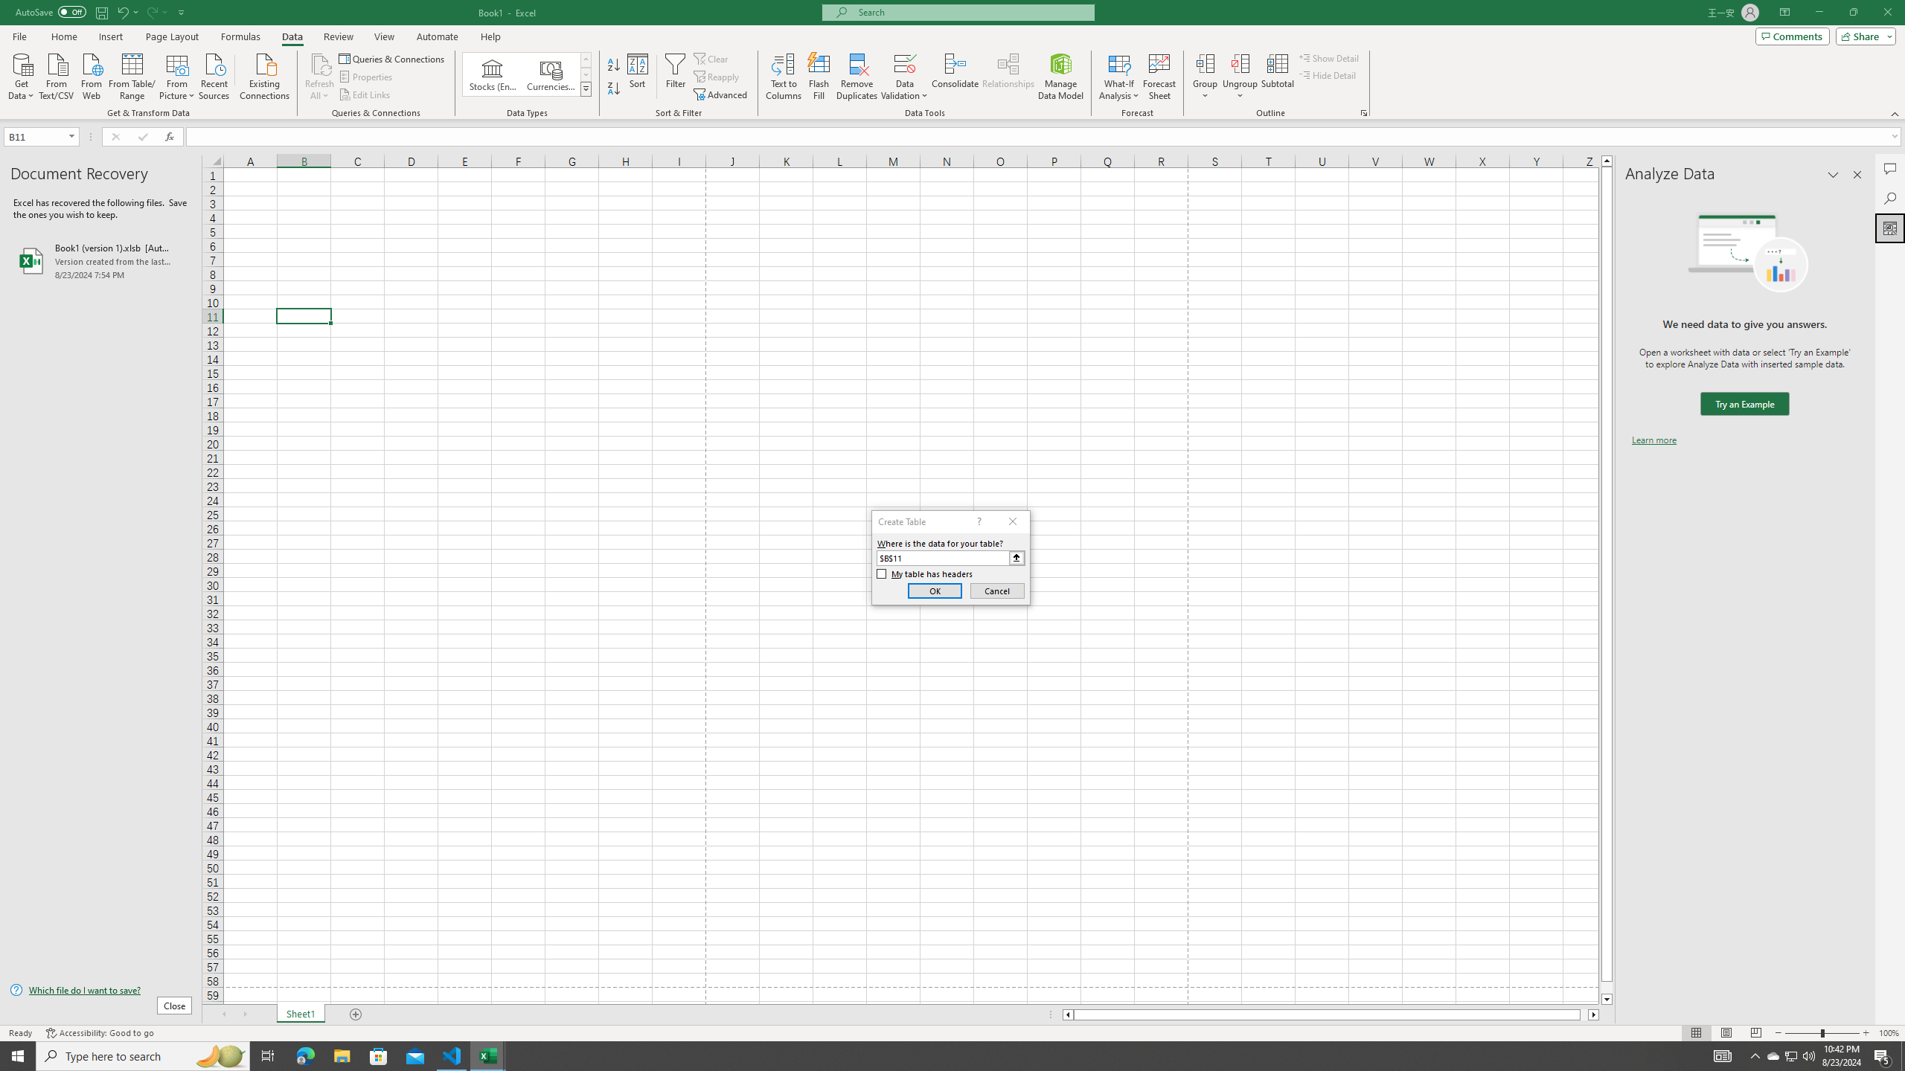  Describe the element at coordinates (1818, 12) in the screenshot. I see `'Minimize'` at that location.